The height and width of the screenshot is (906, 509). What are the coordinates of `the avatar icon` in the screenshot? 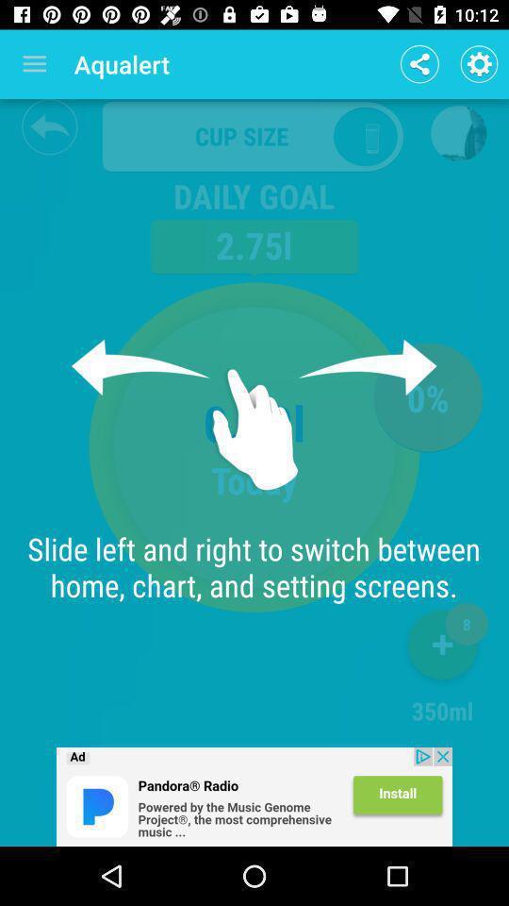 It's located at (457, 132).